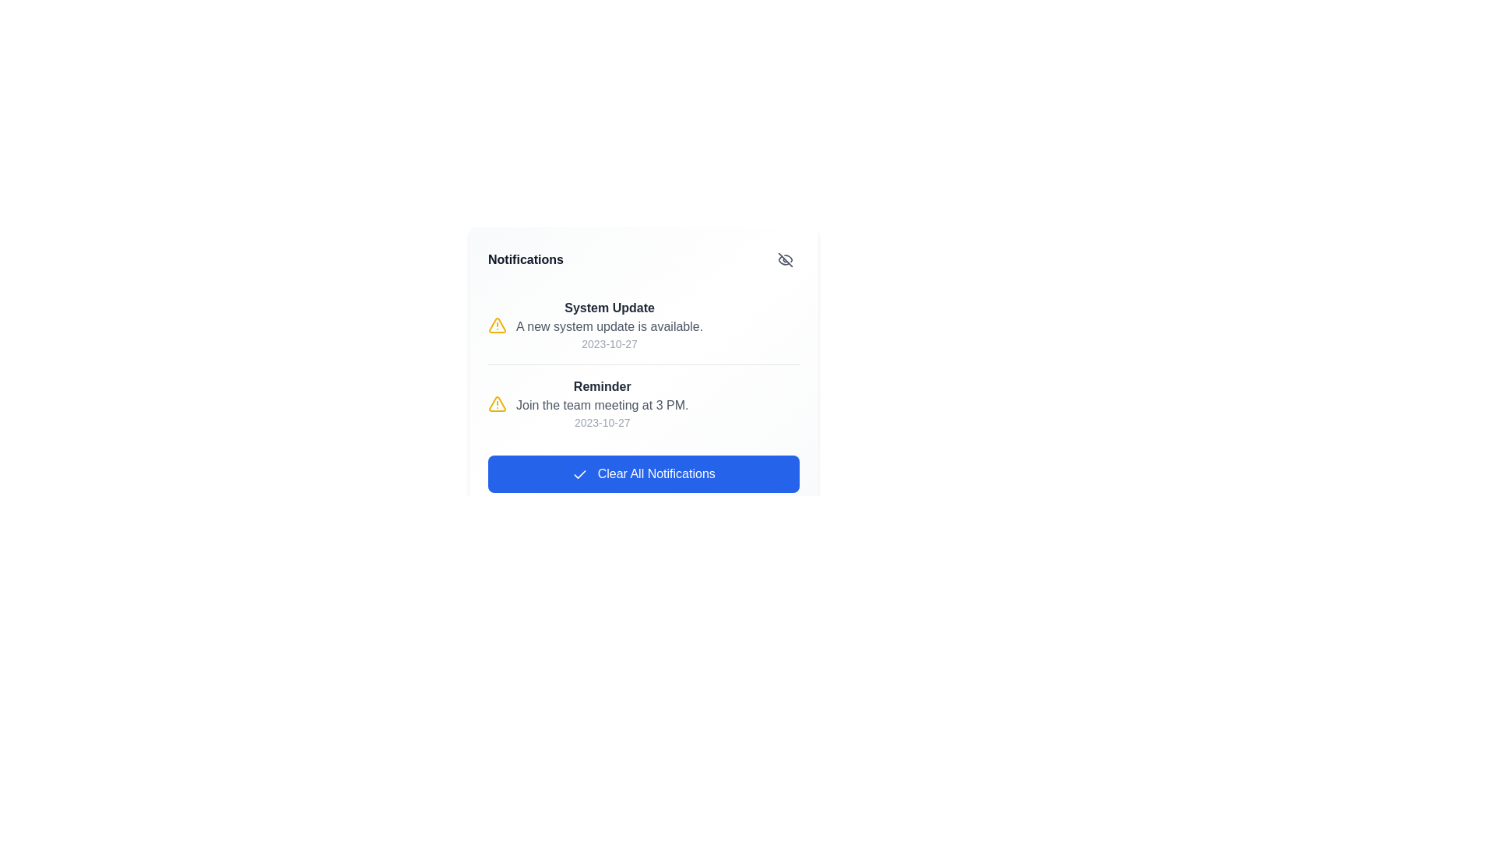  Describe the element at coordinates (643, 473) in the screenshot. I see `the button at the bottom of the 'Notifications' panel` at that location.